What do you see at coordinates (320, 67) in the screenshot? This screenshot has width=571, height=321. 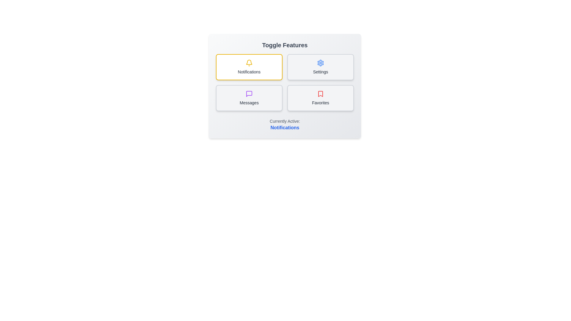 I see `the toggle option Settings by clicking on its corresponding button` at bounding box center [320, 67].